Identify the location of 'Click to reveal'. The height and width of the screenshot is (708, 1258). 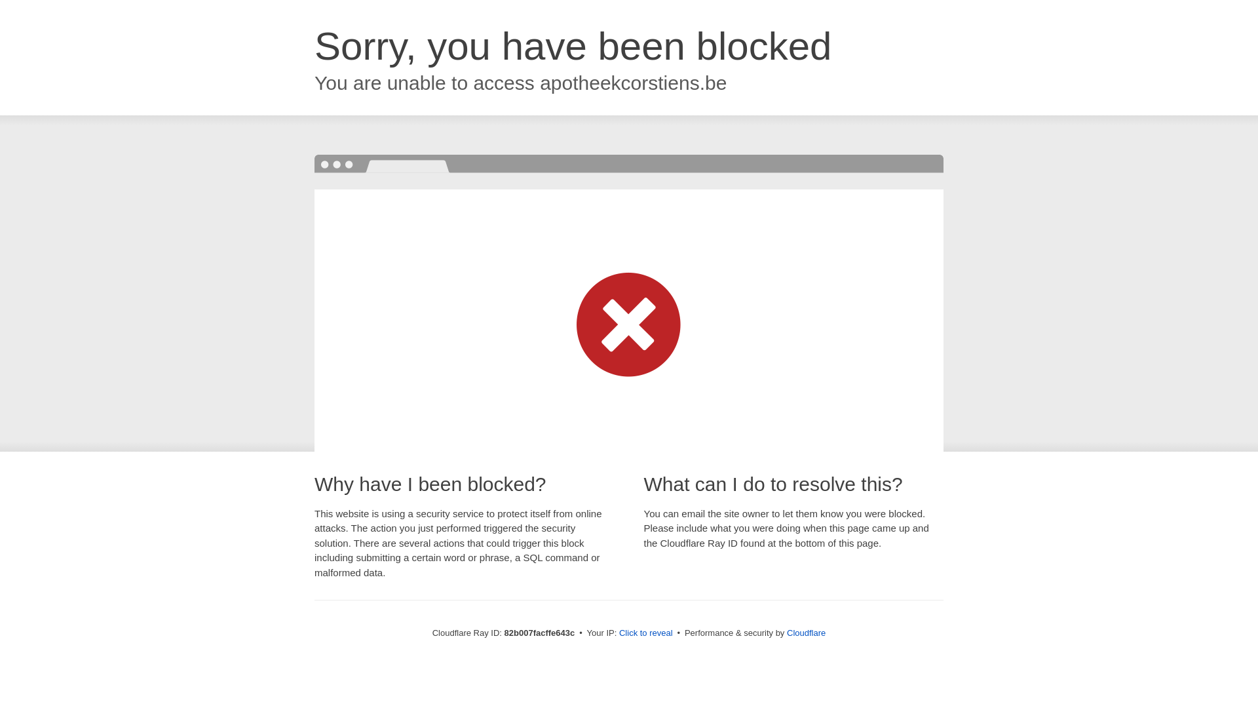
(645, 632).